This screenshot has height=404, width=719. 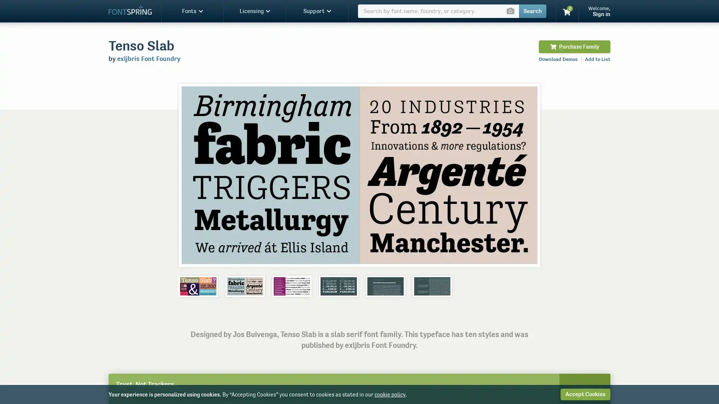 What do you see at coordinates (574, 46) in the screenshot?
I see `Purchase Family` at bounding box center [574, 46].